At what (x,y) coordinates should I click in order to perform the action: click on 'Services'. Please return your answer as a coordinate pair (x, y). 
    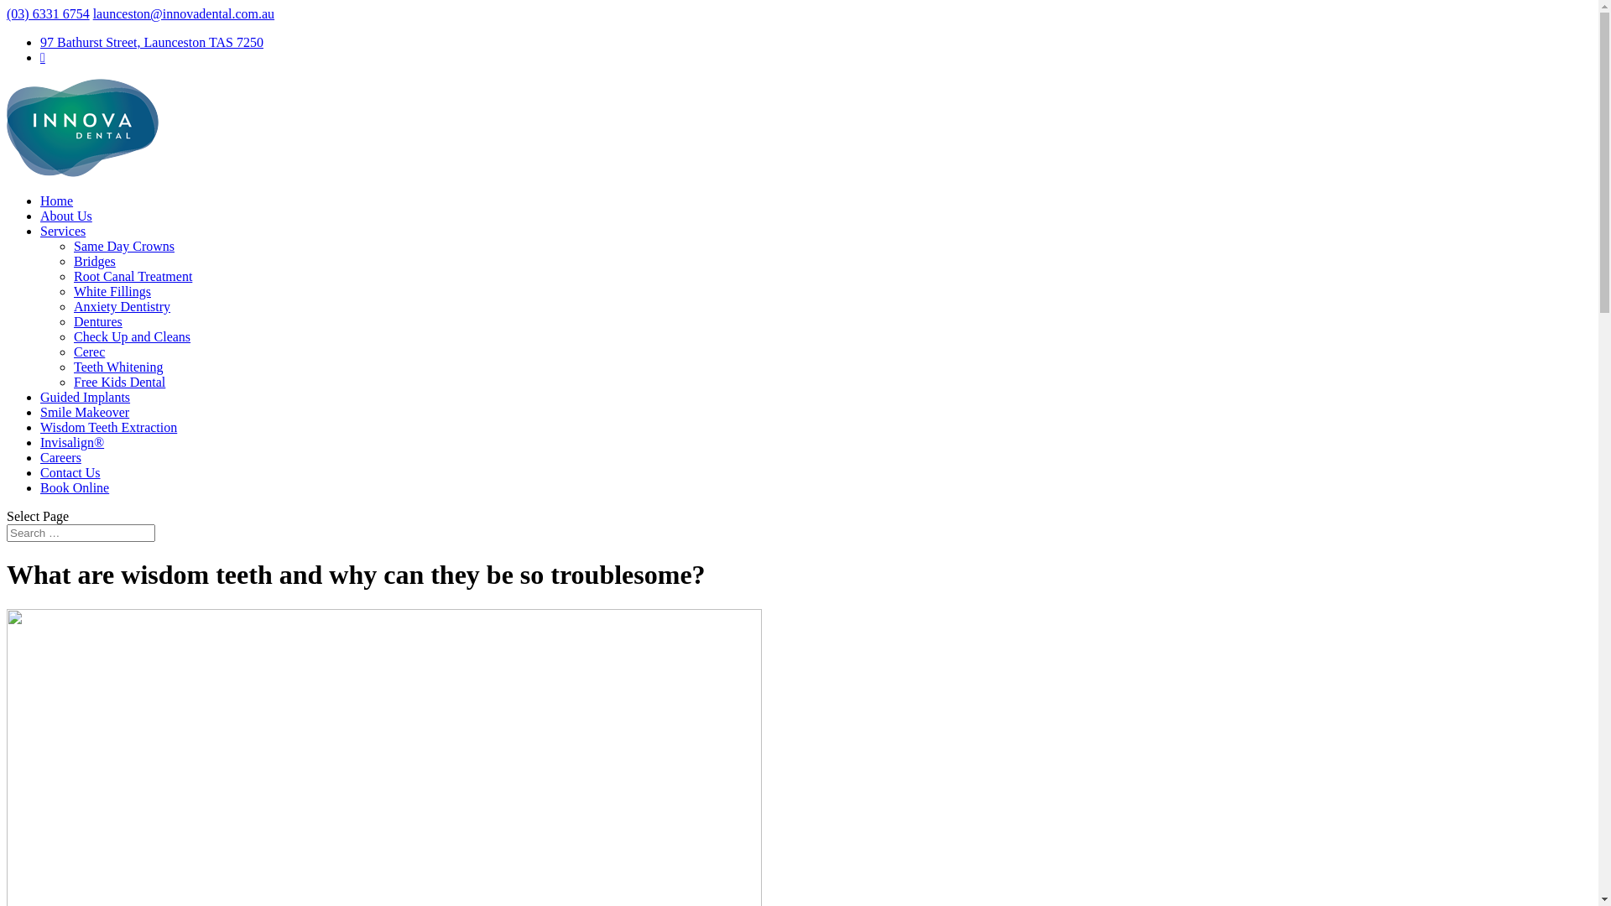
    Looking at the image, I should click on (63, 231).